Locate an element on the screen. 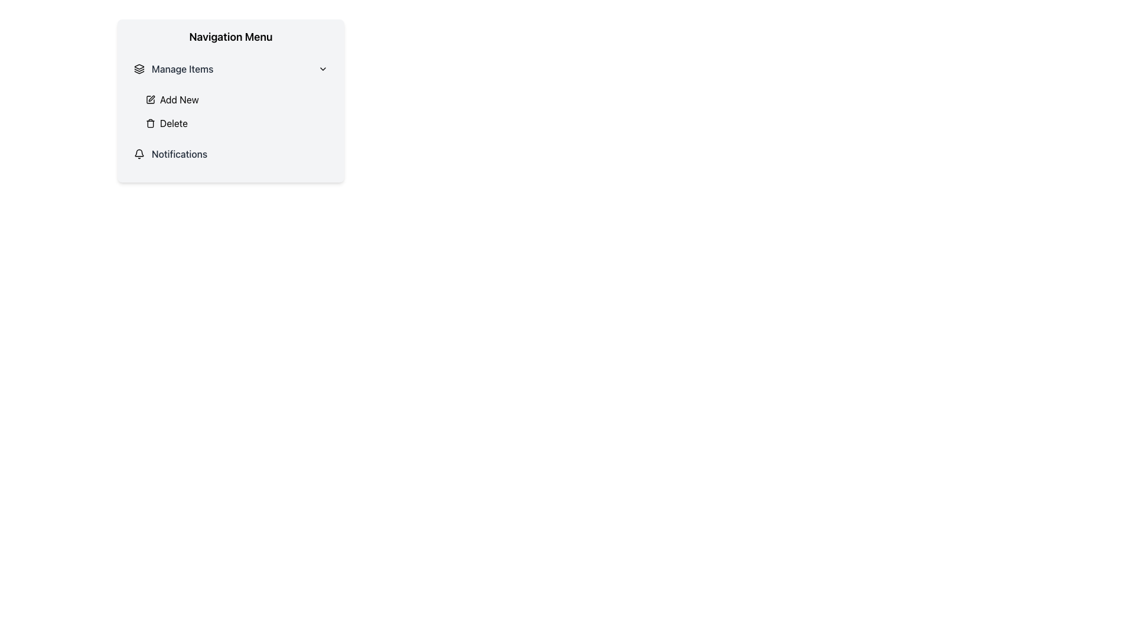 This screenshot has height=638, width=1134. the visual appearance of the 'Add New' icon, which is a pen icon located to the left of the 'Add New' text in the vertical navigation menu is located at coordinates (149, 99).